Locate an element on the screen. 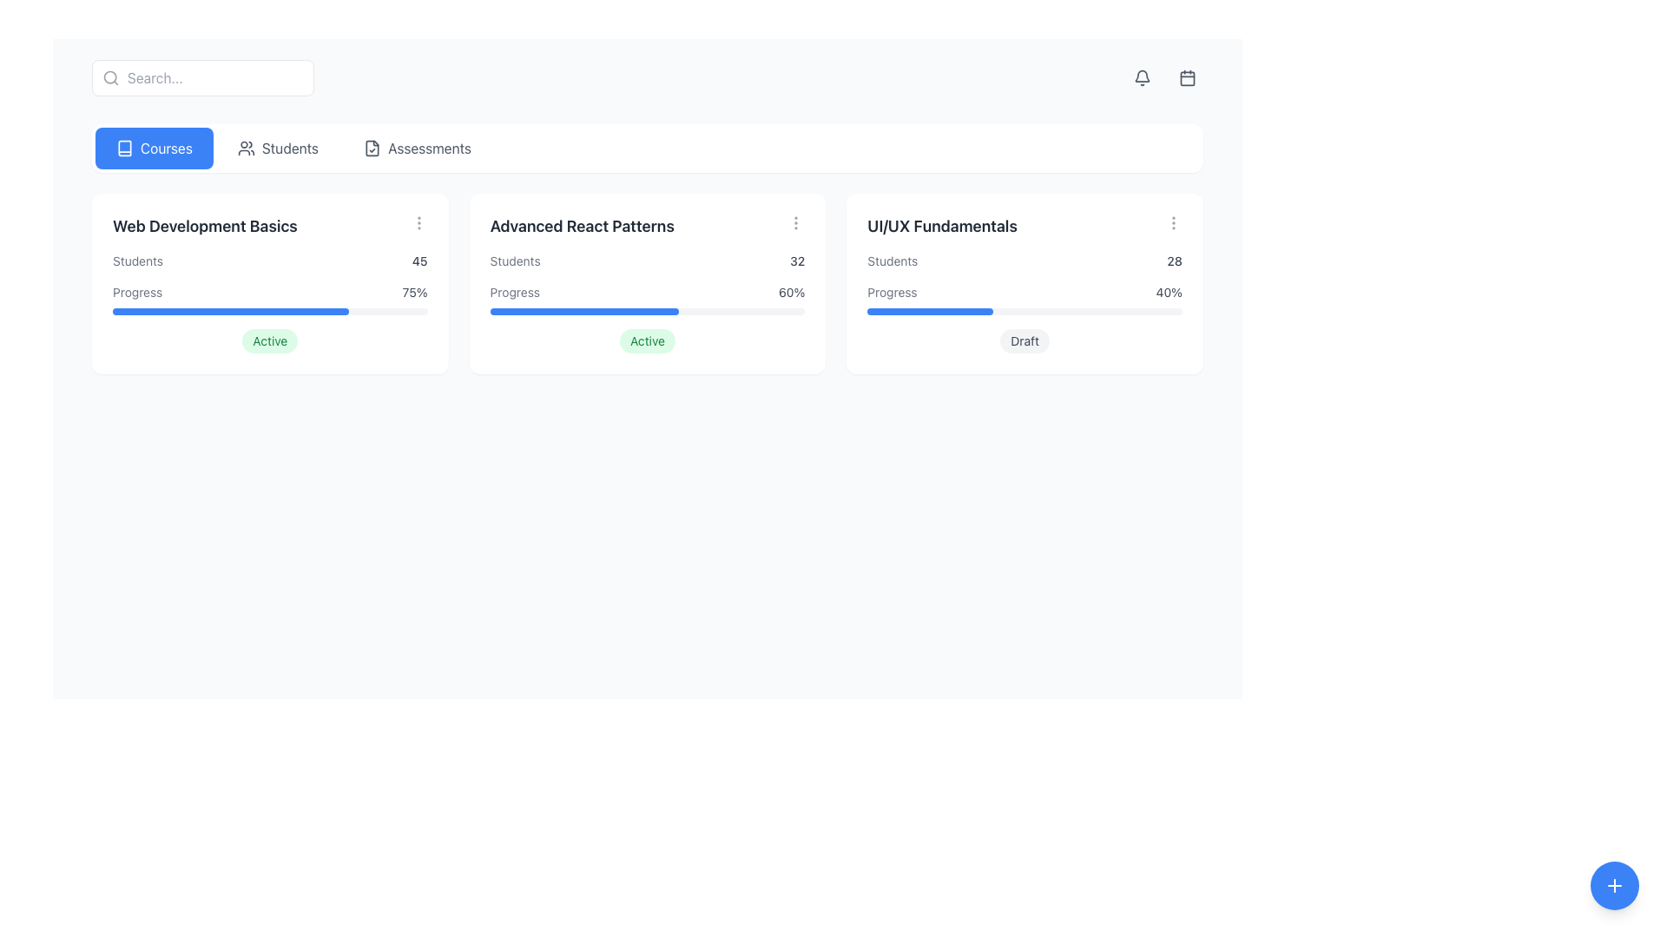 This screenshot has height=938, width=1667. displayed data from the Information display component with progress bar and tag, which shows 'Students' as 28 and 'Progress' as 40% is located at coordinates (1025, 301).